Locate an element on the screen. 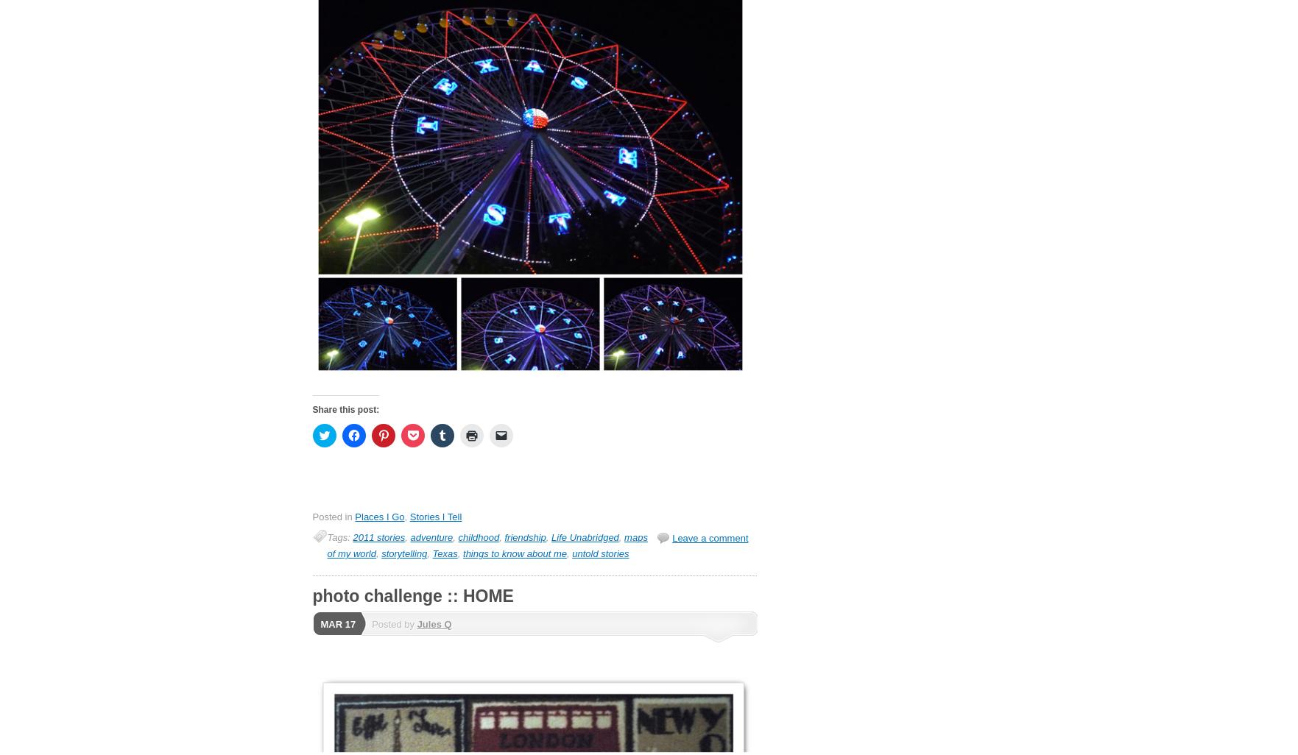 The image size is (1298, 755). 'photo challenge :: HOME' is located at coordinates (412, 595).